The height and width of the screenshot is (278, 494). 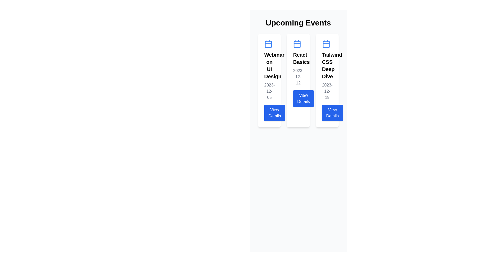 What do you see at coordinates (268, 44) in the screenshot?
I see `calendar icon located at the top of the card titled 'Webinar on UI Design' to understand its symbolic significance` at bounding box center [268, 44].